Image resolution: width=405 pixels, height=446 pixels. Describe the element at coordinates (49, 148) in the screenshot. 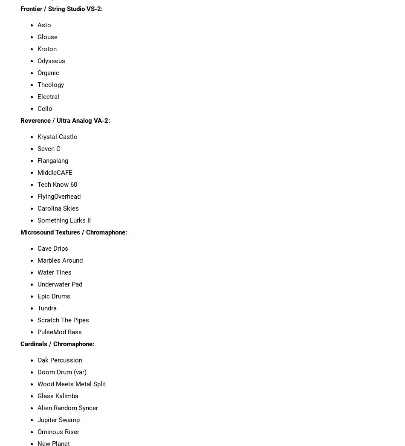

I see `'Seven C'` at that location.